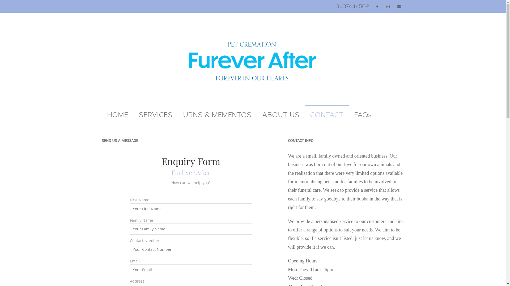 The height and width of the screenshot is (286, 510). I want to click on 'ABOUT US', so click(280, 114).